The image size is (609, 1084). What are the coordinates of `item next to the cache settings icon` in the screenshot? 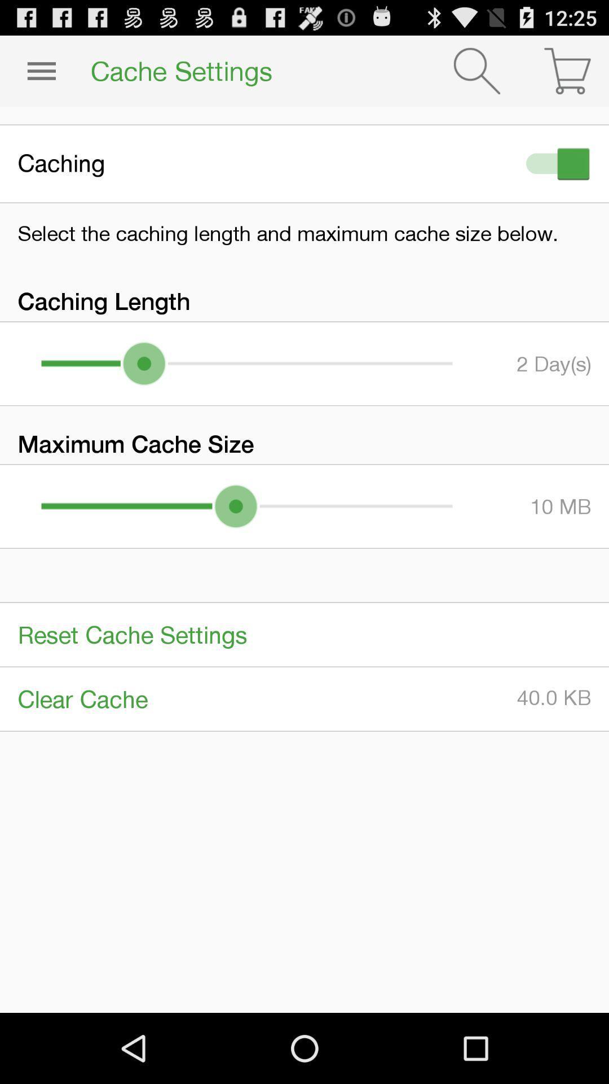 It's located at (41, 70).